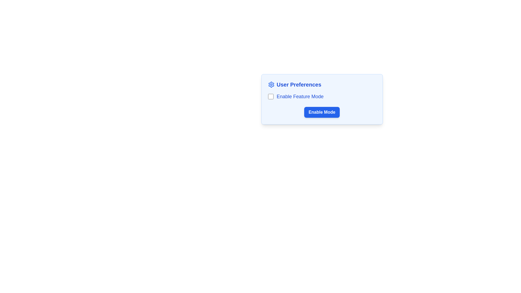 The image size is (521, 293). What do you see at coordinates (300, 96) in the screenshot?
I see `the label element located to the right of the checkbox in the 'User Preferences' section, which indicates the purpose of the checkbox when selected` at bounding box center [300, 96].